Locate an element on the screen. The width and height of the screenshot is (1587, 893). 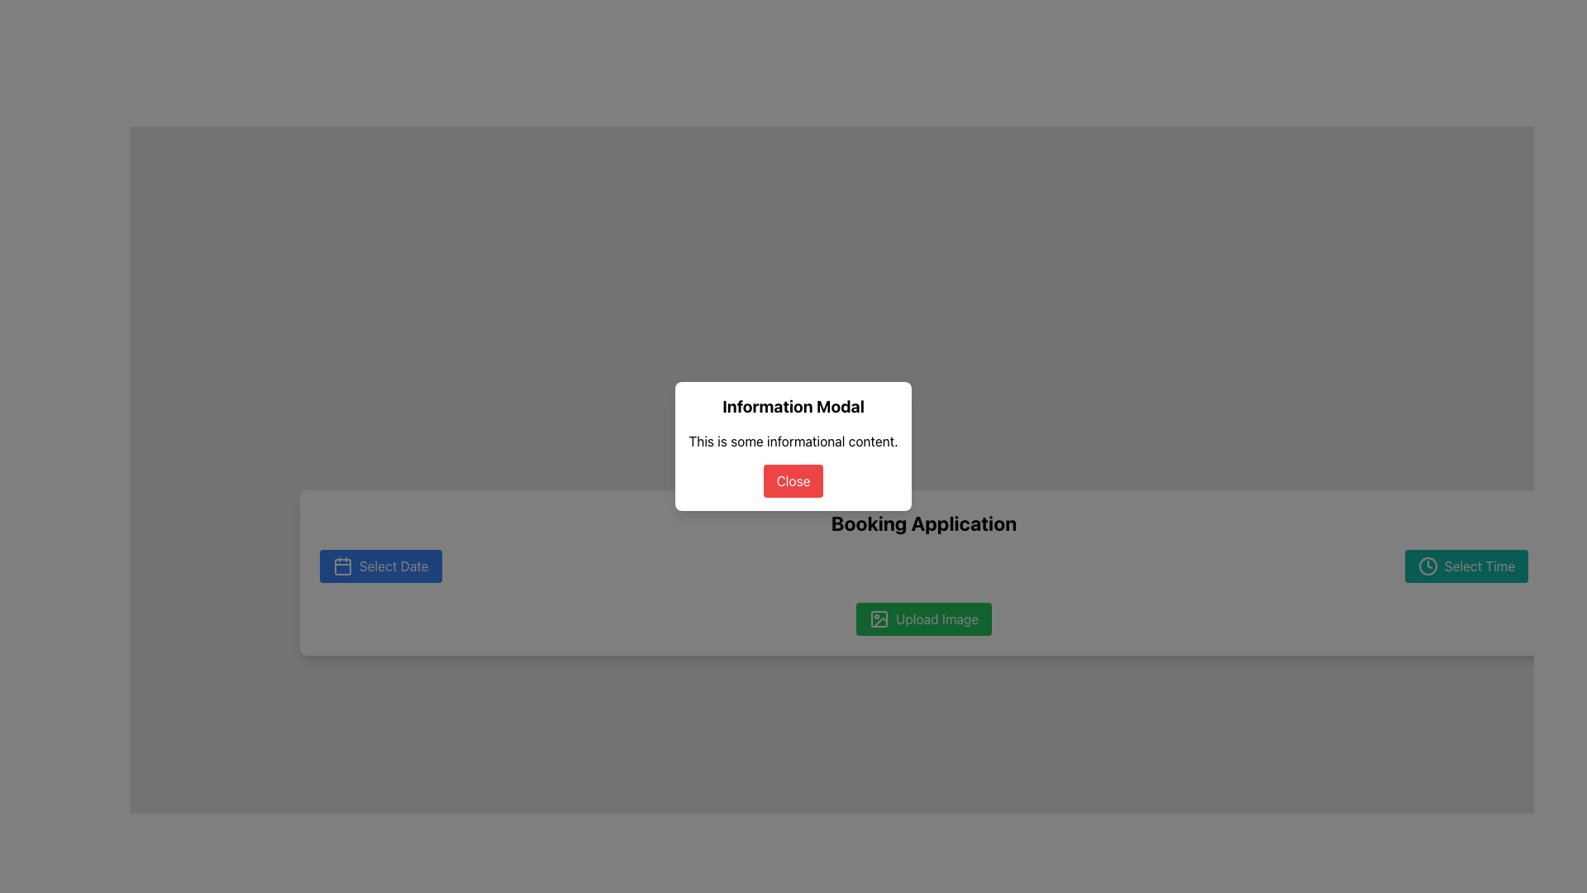
the vector graphic component that serves as a visual cue for the 'Upload Image' functionality, located in the bottom-right area of the icon next to the 'Upload Image' button is located at coordinates (879, 623).